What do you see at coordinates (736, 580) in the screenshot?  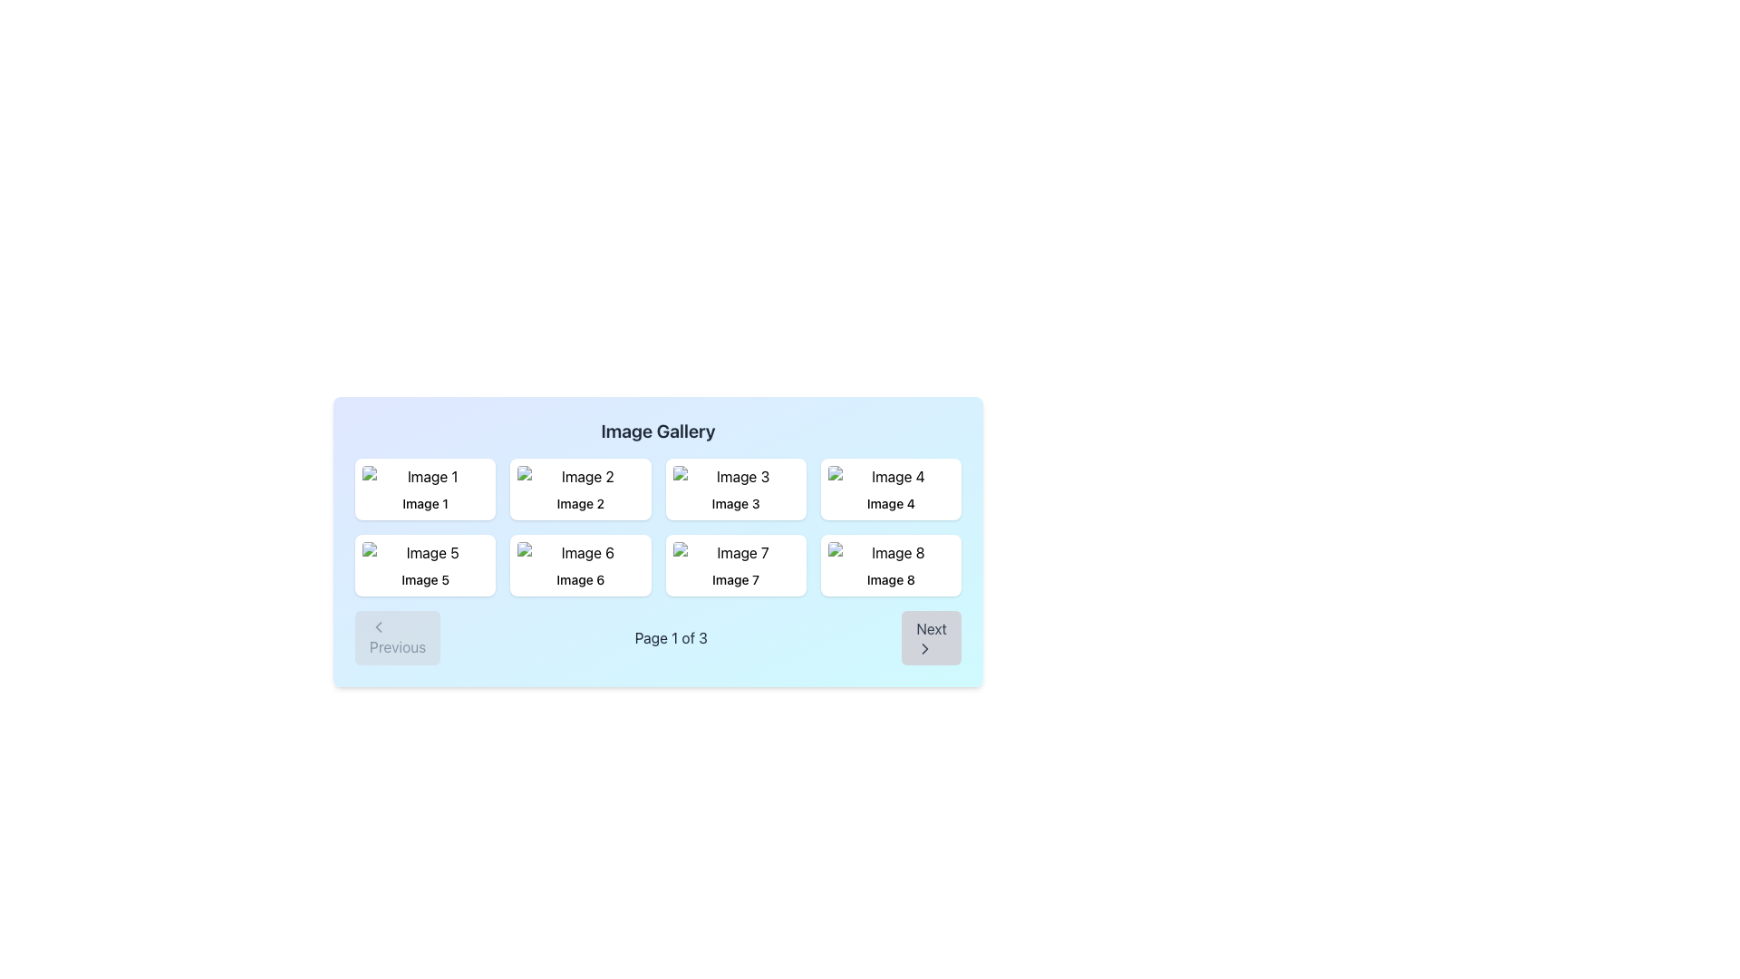 I see `text content of the label associated with 'Image 7', located in the middle row, fourth column of the grid layout` at bounding box center [736, 580].